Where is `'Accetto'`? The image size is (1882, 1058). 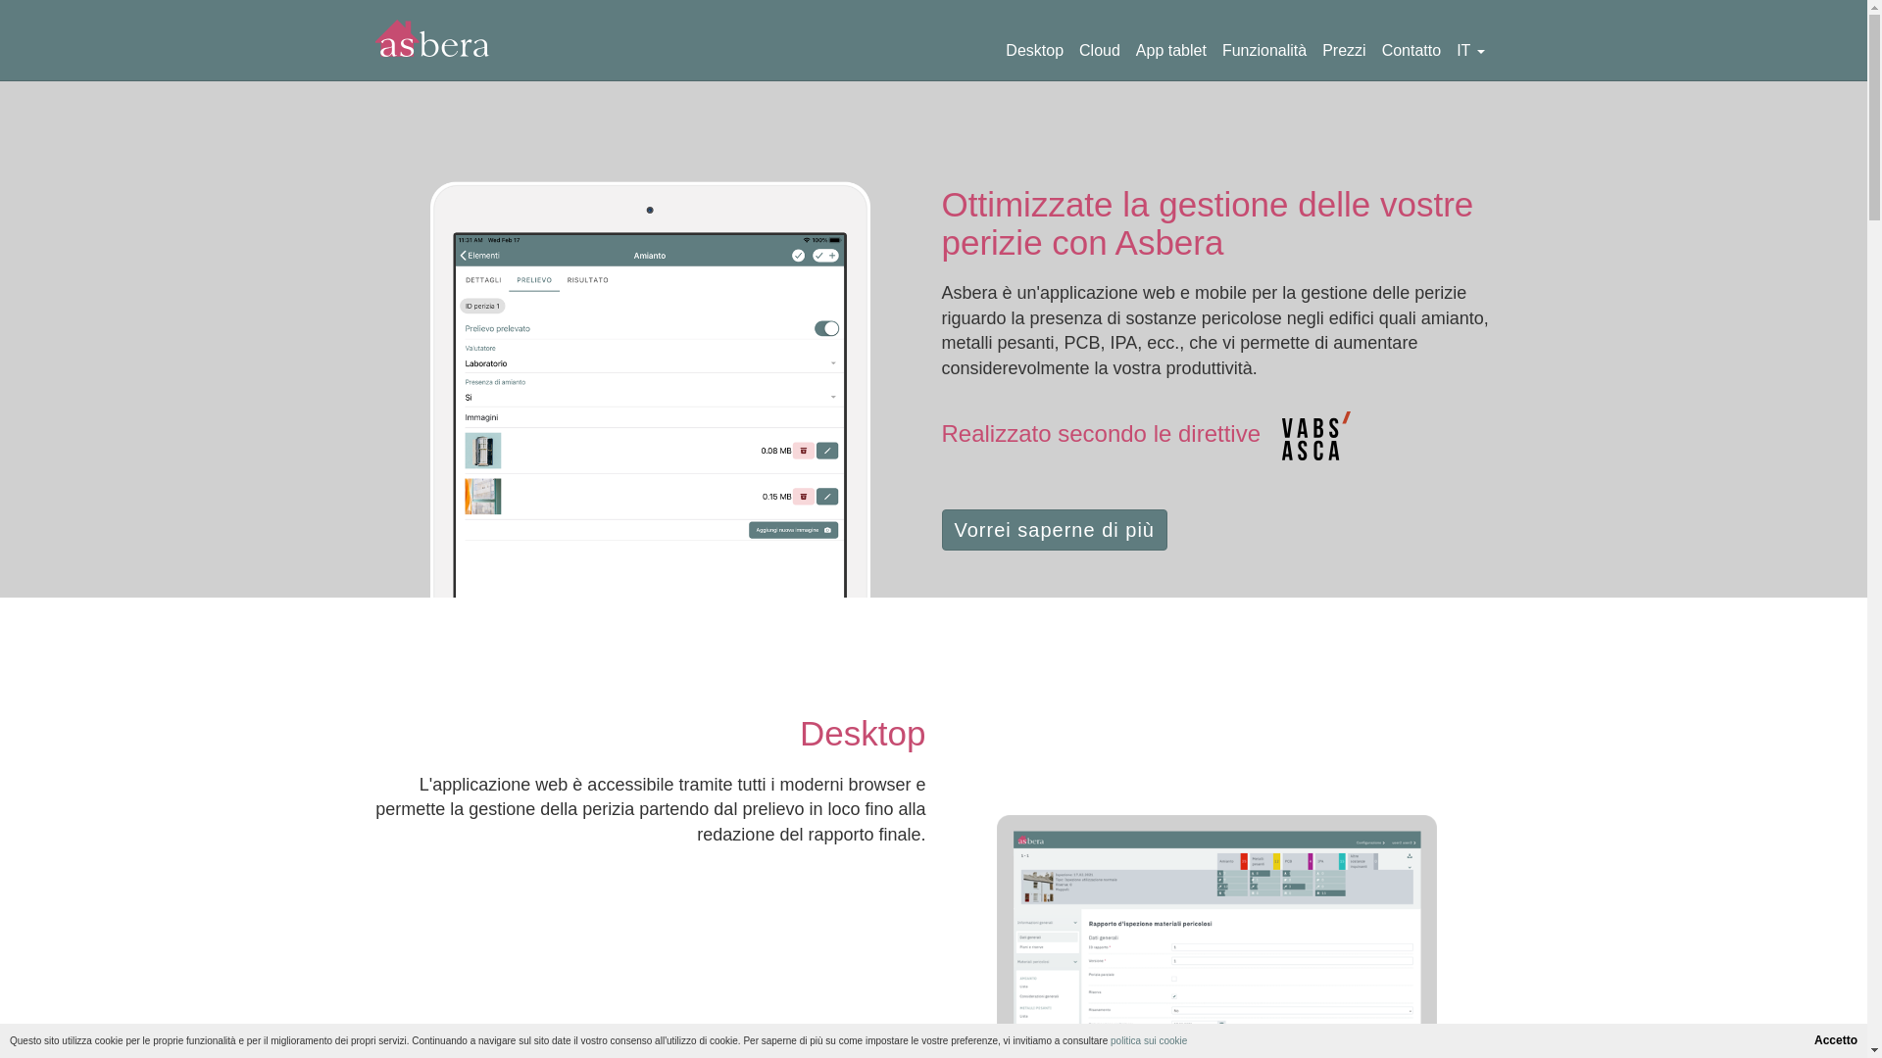
'Accetto' is located at coordinates (1834, 1039).